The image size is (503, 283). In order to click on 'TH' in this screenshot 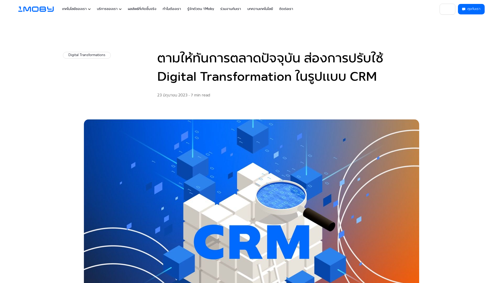, I will do `click(447, 9)`.